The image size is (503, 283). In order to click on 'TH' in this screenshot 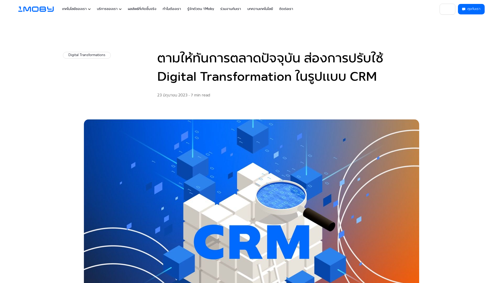, I will do `click(447, 9)`.